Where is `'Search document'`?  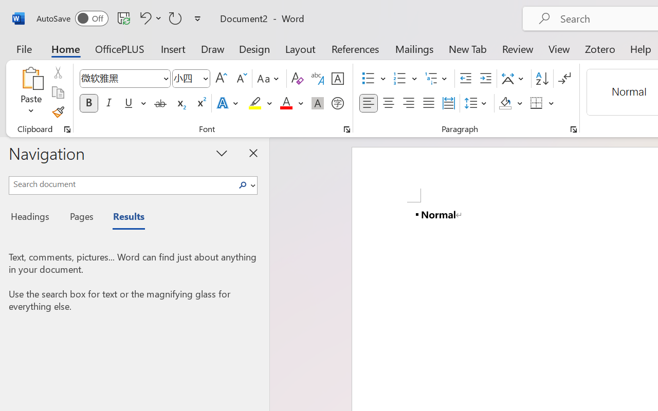
'Search document' is located at coordinates (122, 184).